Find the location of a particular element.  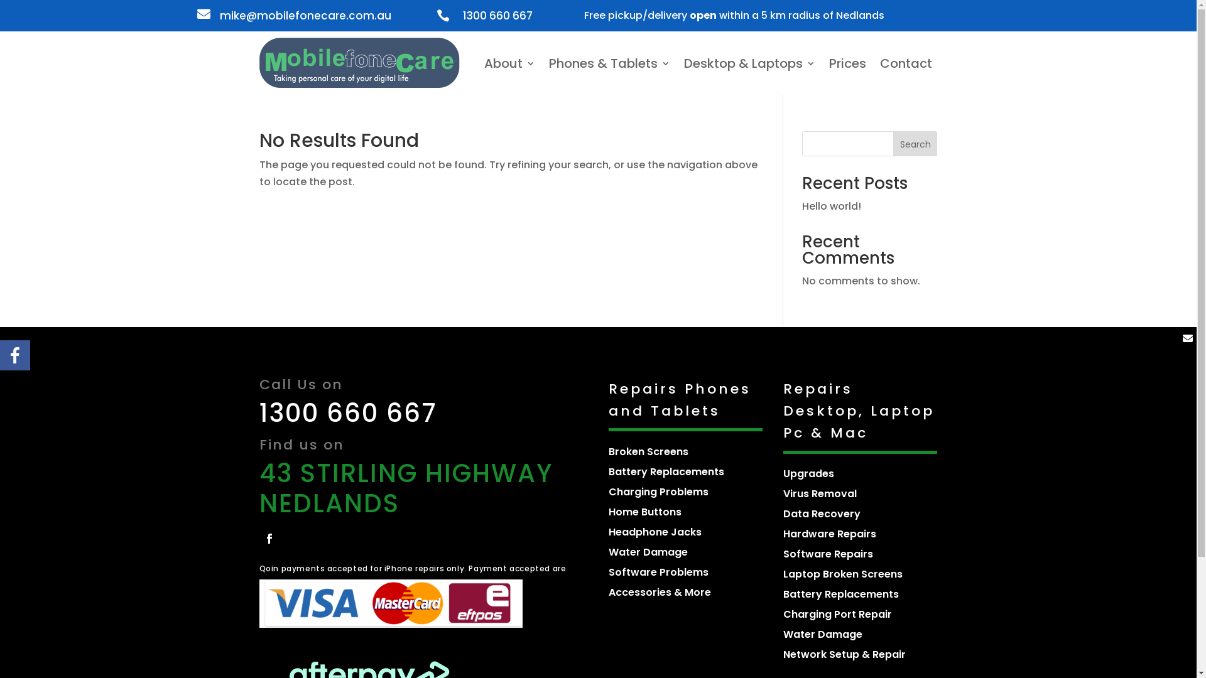

'43 STIRLING HIGHWAY NEDLANDS' is located at coordinates (405, 488).